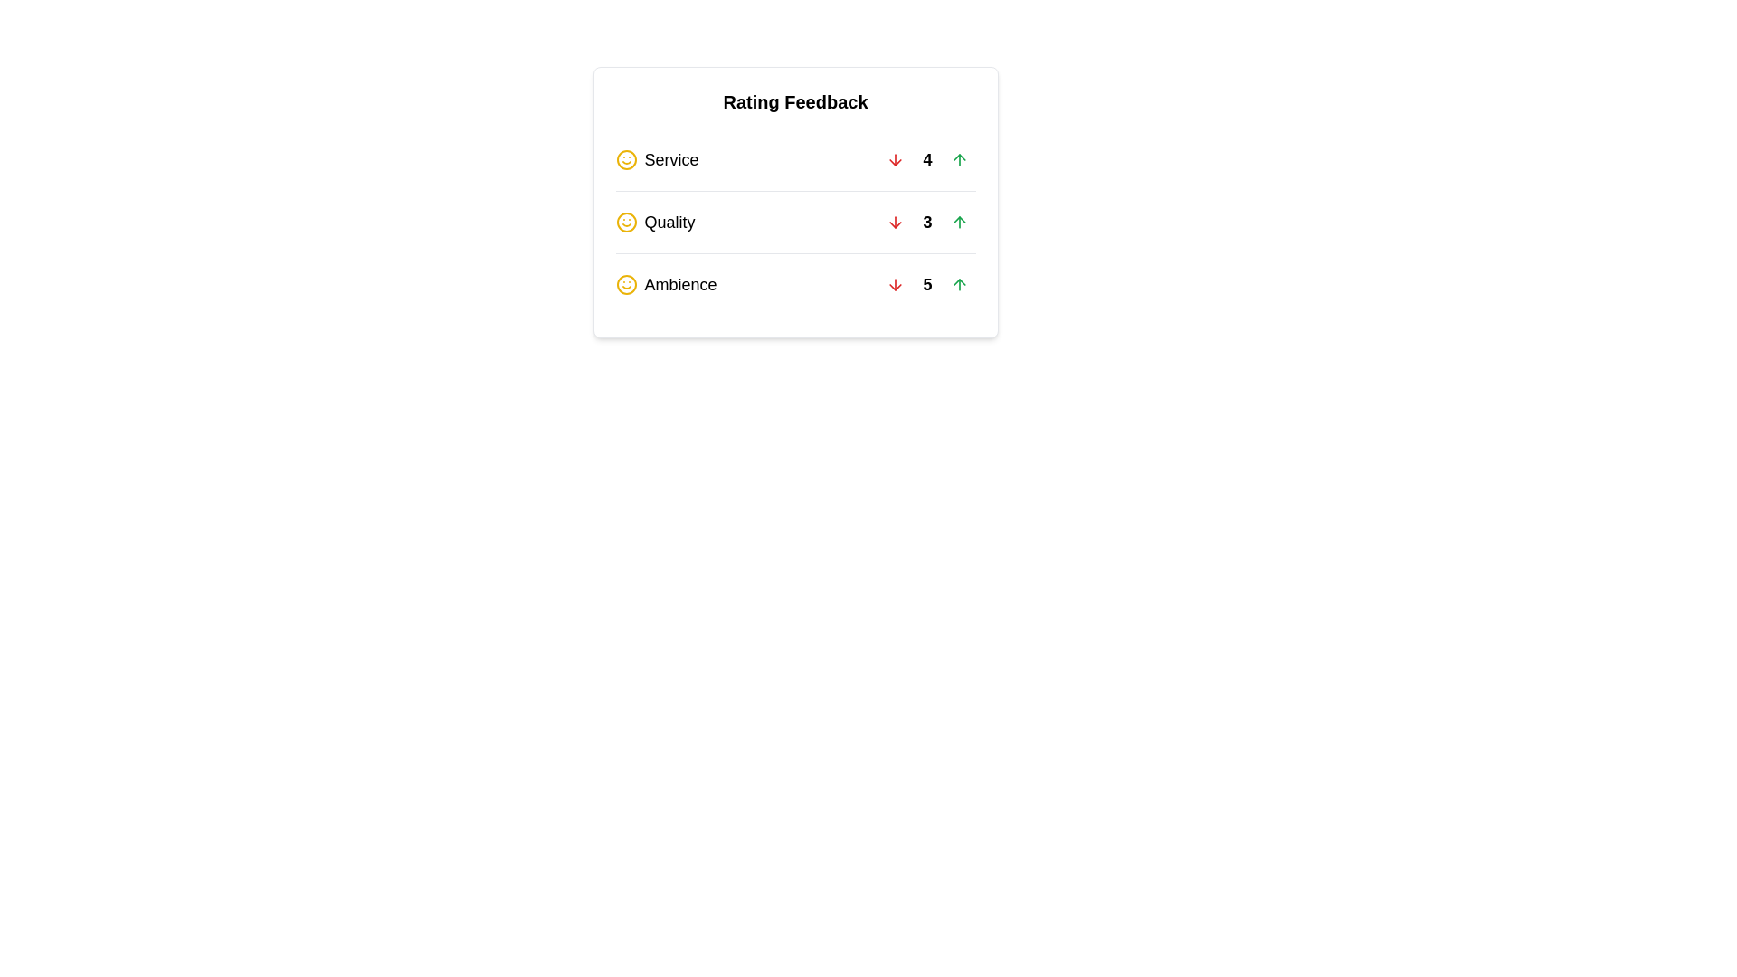  I want to click on the Static text heading that serves as the title for the feedback section, positioned above the rating sections for 'Service', 'Quality', and 'Ambience', so click(795, 101).